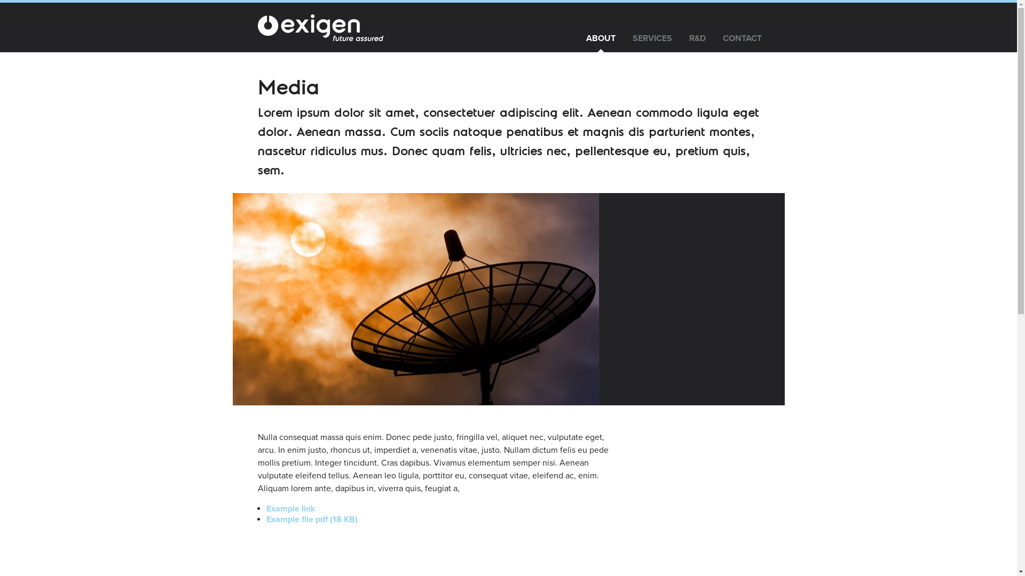 Image resolution: width=1025 pixels, height=576 pixels. I want to click on 'CONTACT', so click(714, 38).